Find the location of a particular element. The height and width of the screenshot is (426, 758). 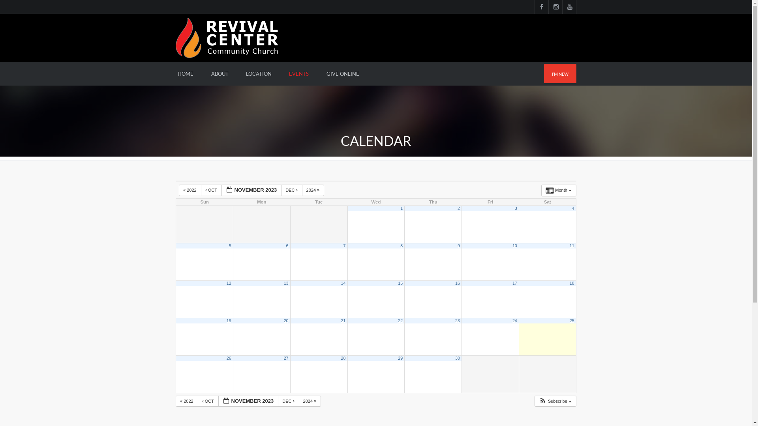

'Revival Center Community Church' is located at coordinates (227, 37).